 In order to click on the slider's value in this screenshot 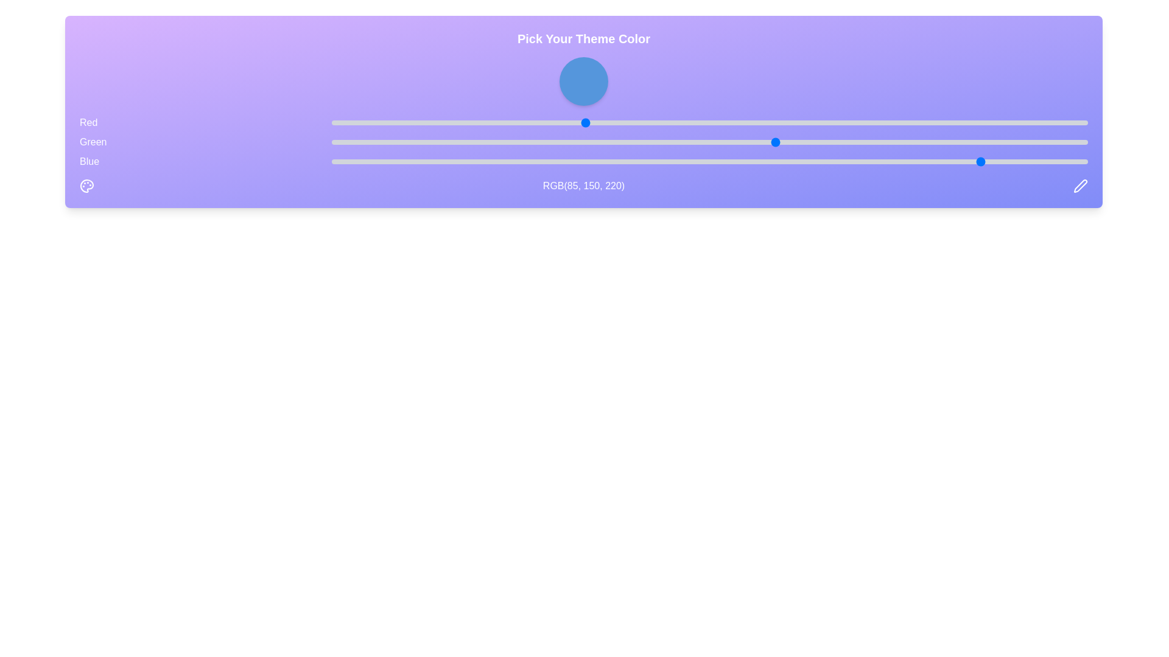, I will do `click(441, 122)`.